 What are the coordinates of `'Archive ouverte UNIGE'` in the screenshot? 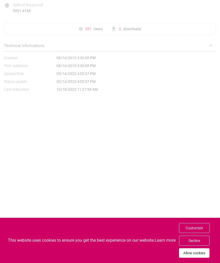 It's located at (106, 257).